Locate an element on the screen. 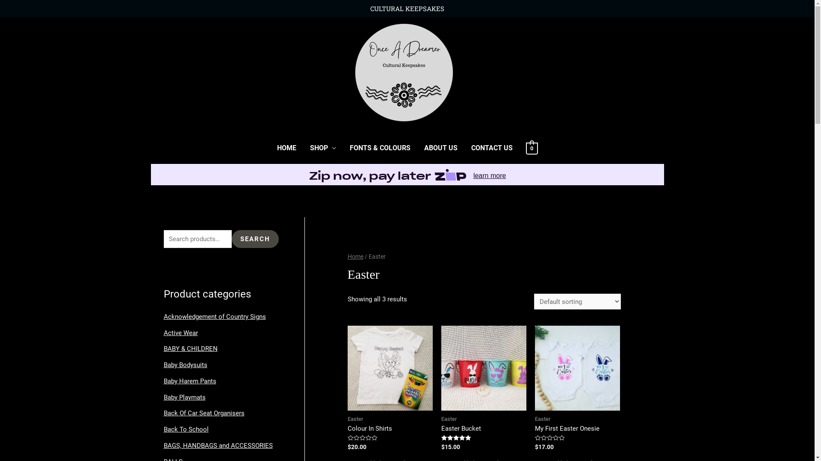  'Home' is located at coordinates (355, 256).